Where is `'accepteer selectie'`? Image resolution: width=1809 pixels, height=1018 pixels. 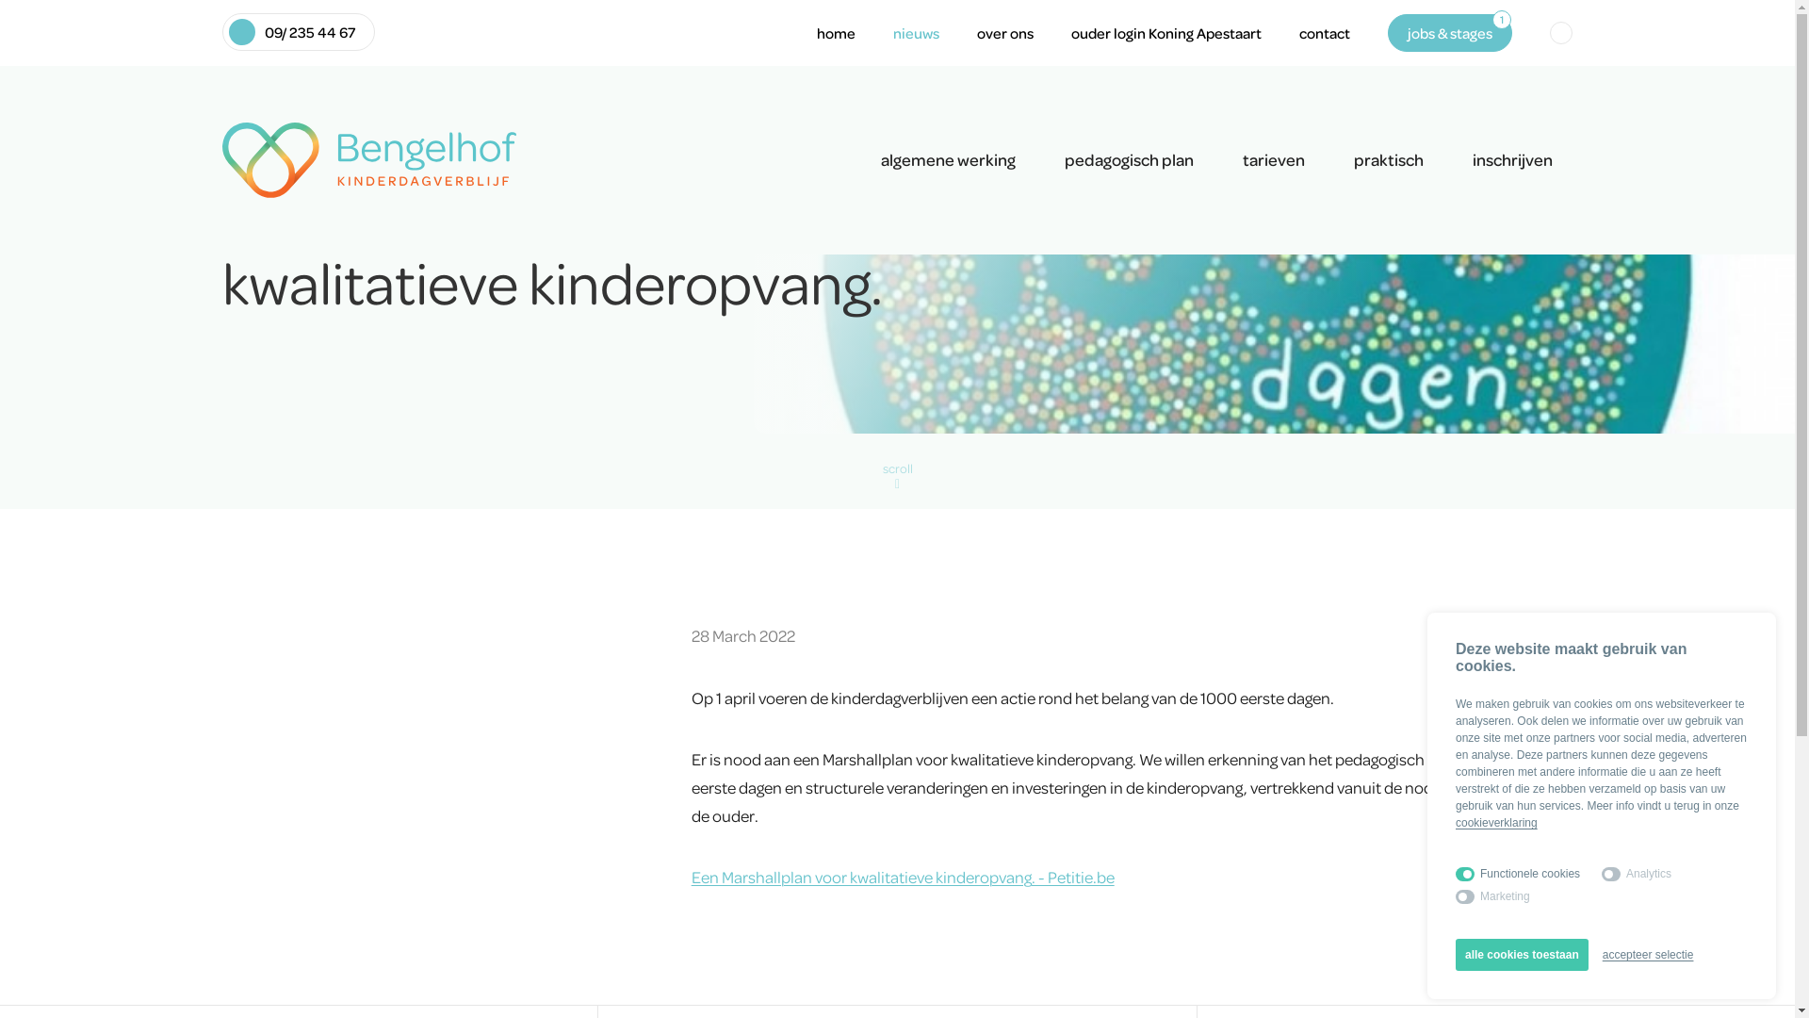 'accepteer selectie' is located at coordinates (1601, 955).